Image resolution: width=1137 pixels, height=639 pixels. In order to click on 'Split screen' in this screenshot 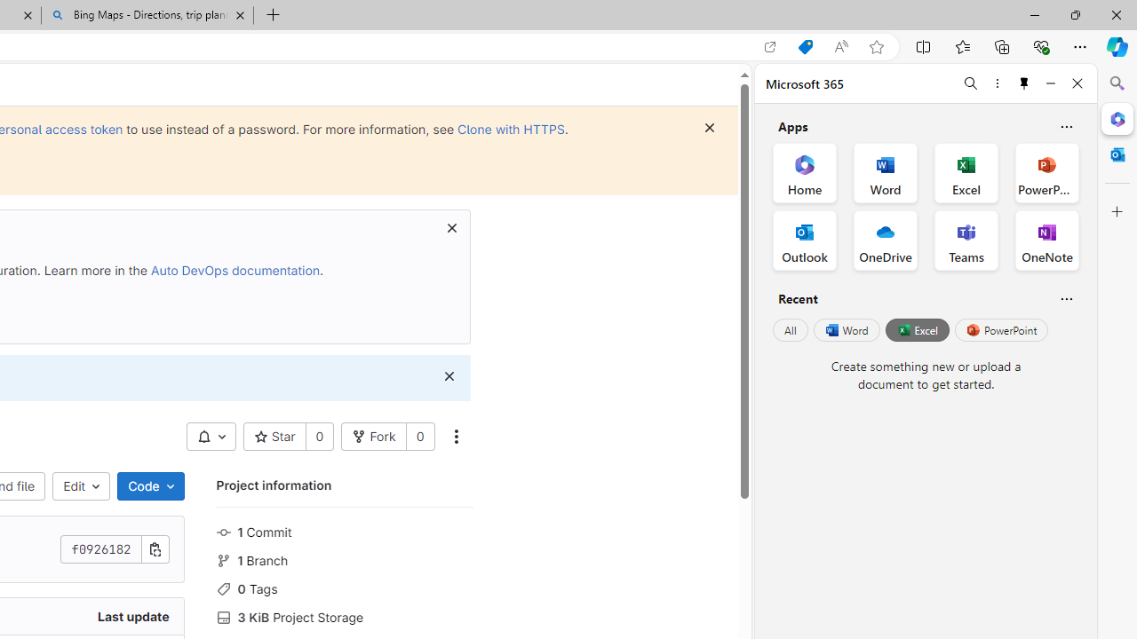, I will do `click(924, 45)`.